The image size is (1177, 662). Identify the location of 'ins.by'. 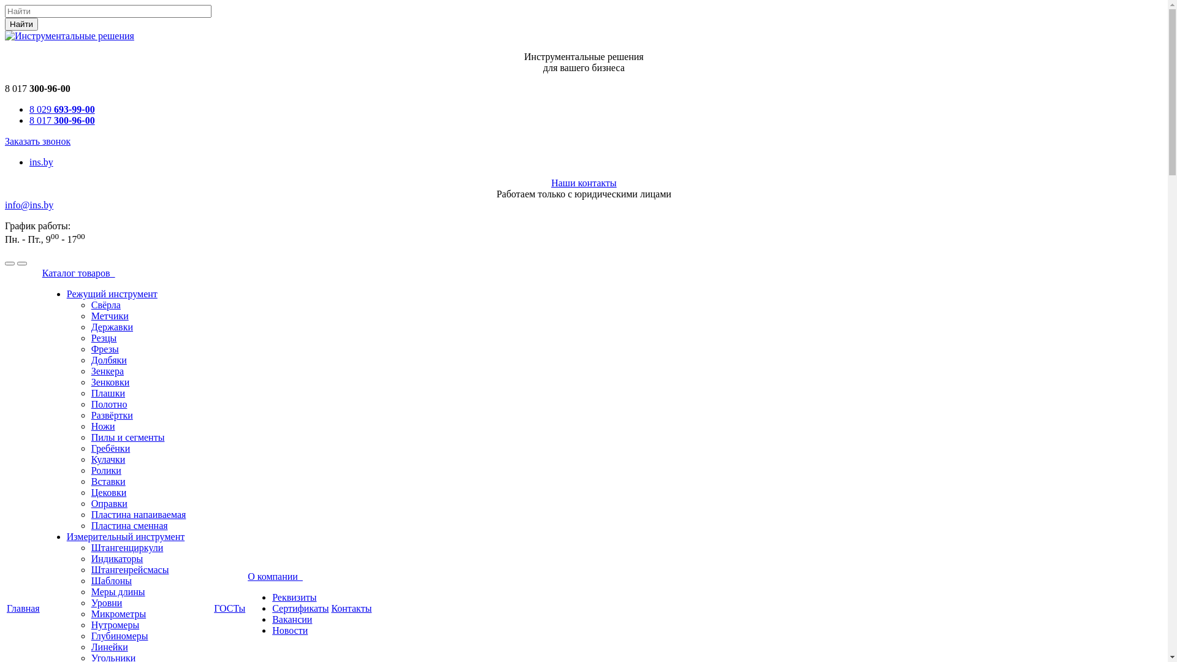
(41, 161).